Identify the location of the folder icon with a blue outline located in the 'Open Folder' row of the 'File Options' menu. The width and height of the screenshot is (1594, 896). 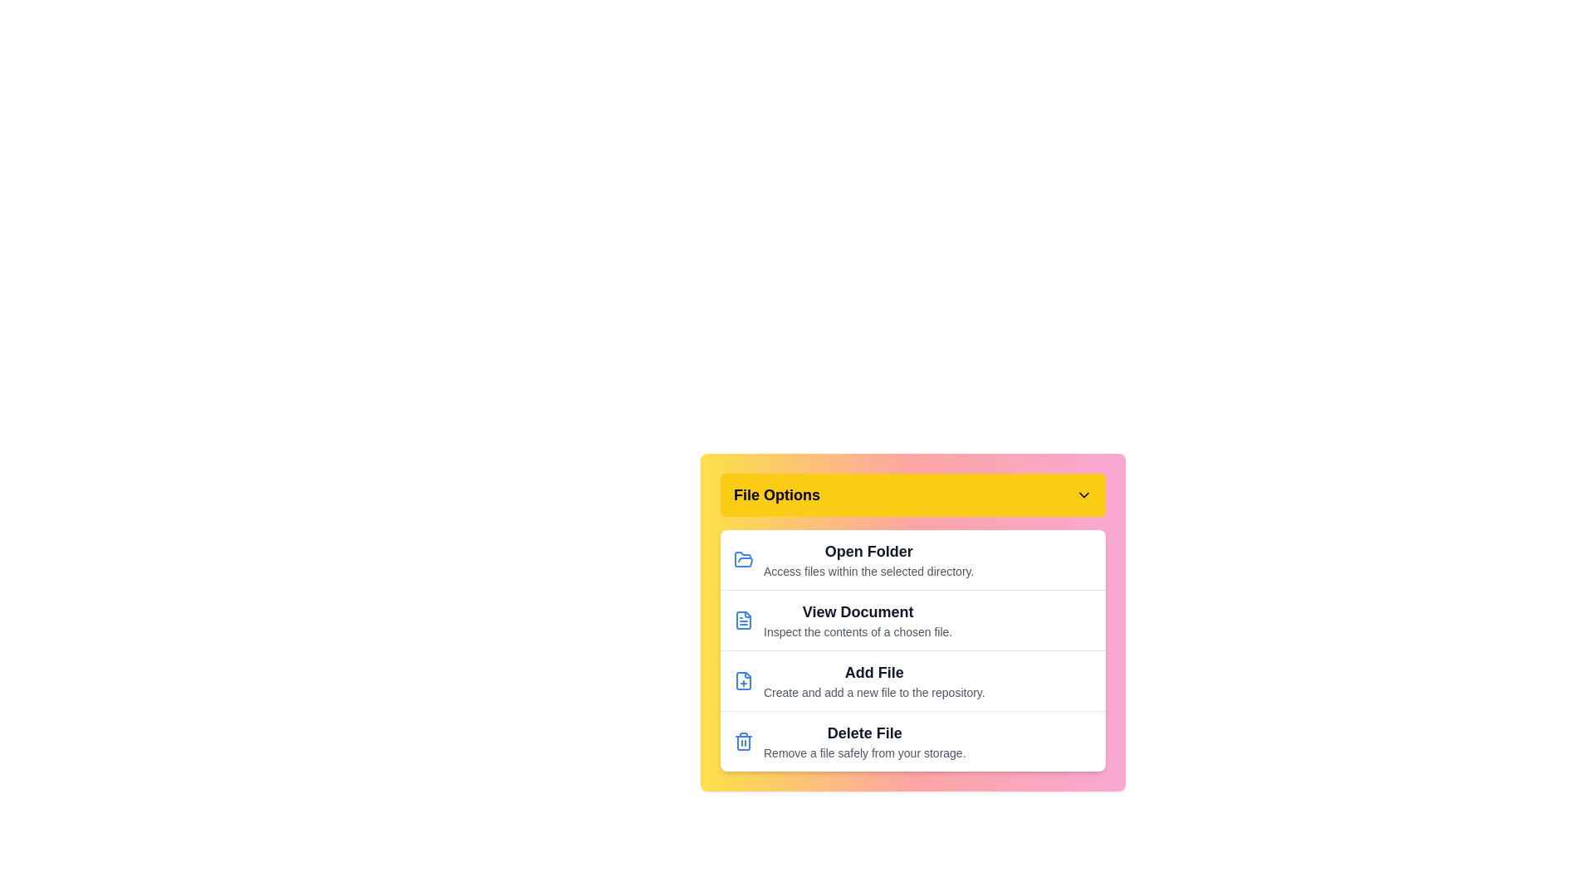
(743, 559).